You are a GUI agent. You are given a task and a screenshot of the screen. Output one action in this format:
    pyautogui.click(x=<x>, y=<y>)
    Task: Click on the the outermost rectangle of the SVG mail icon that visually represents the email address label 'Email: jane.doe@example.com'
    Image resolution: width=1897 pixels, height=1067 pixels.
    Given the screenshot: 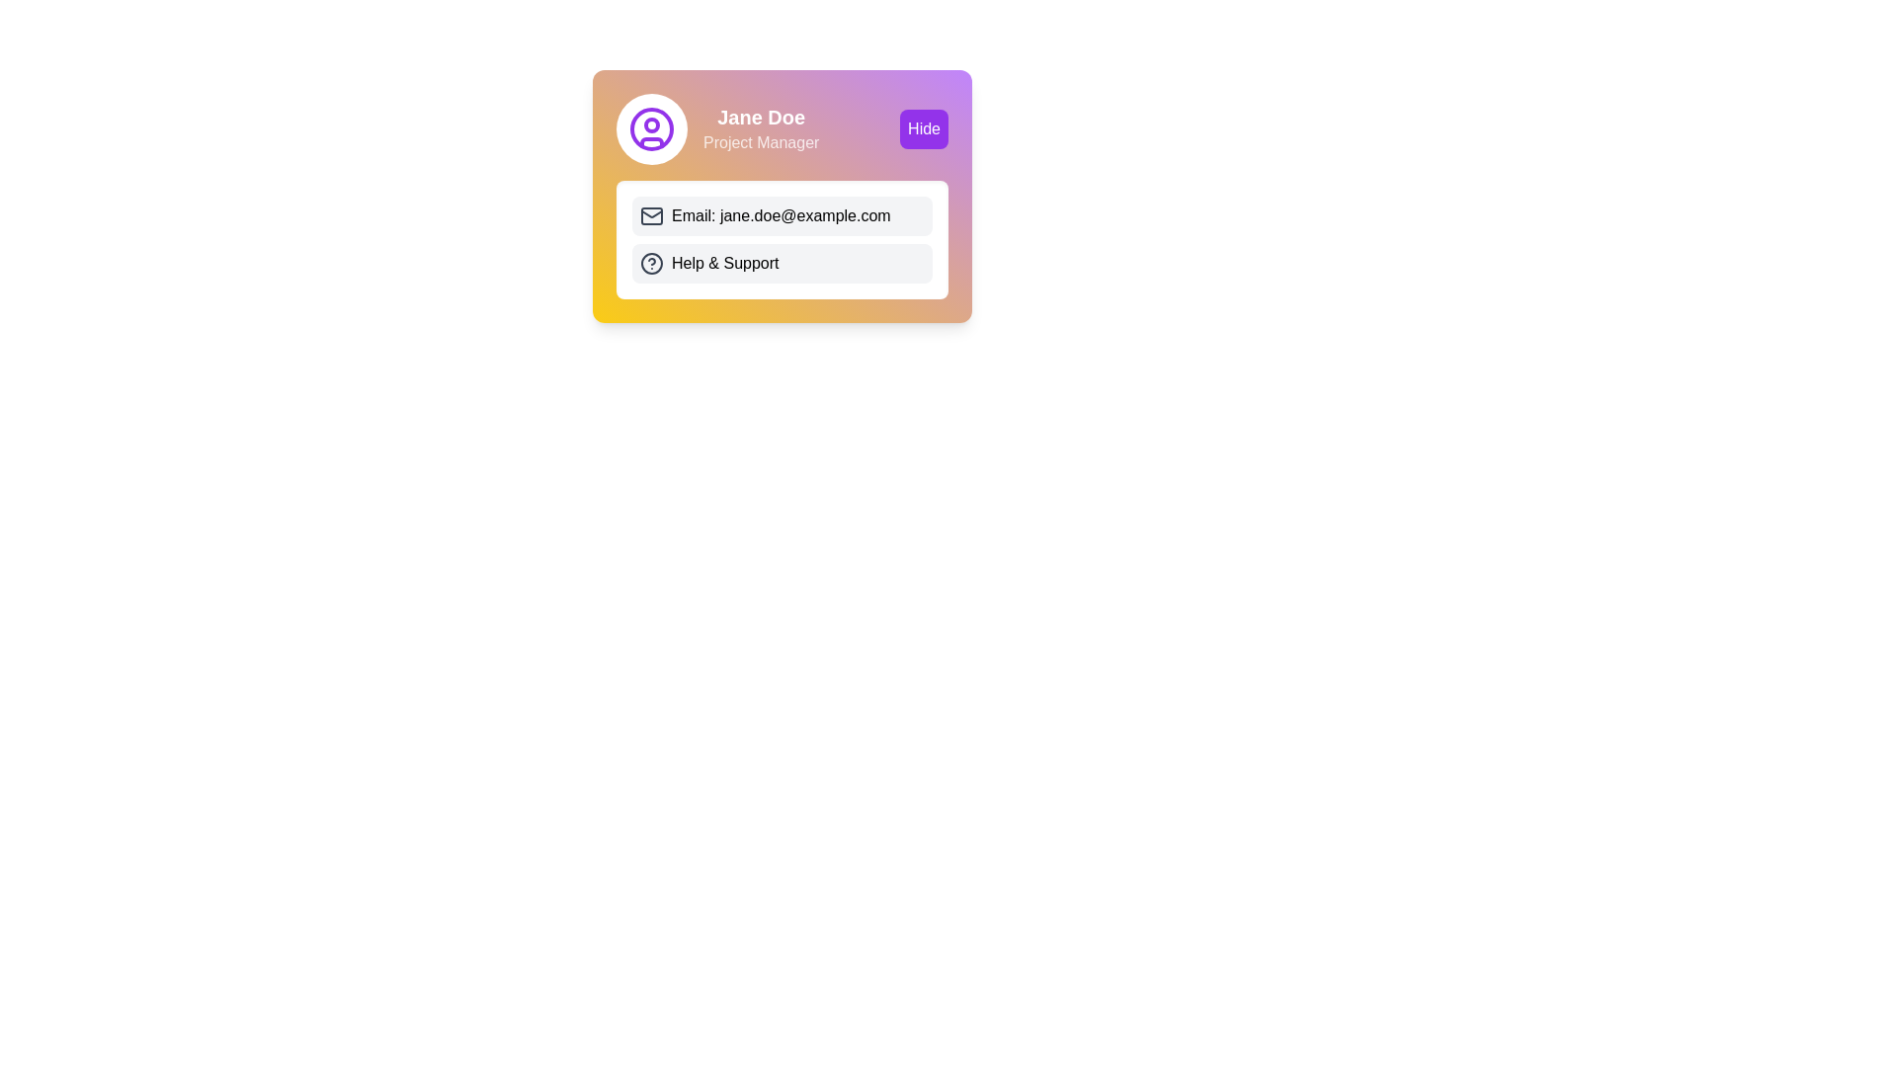 What is the action you would take?
    pyautogui.click(x=652, y=216)
    